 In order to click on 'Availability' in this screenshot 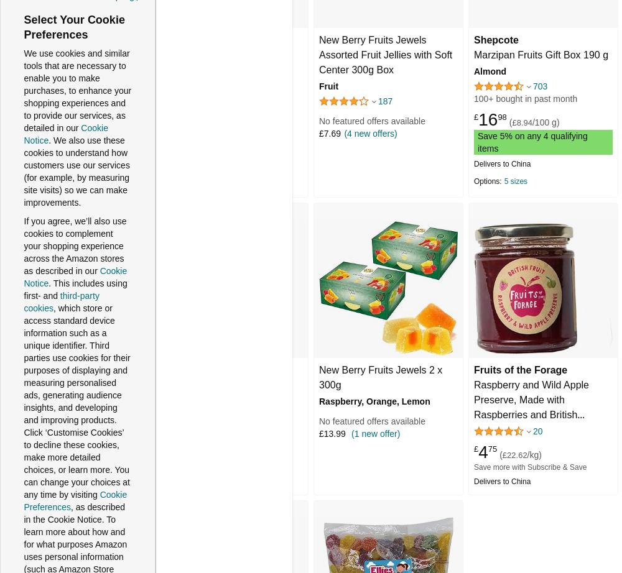, I will do `click(26, 85)`.